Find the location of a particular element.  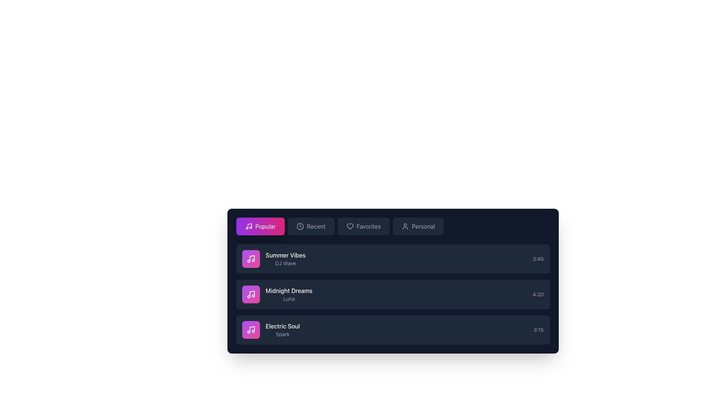

the 'Recent' navigation button located between the 'Popular' and 'Favorites' buttons is located at coordinates (311, 226).